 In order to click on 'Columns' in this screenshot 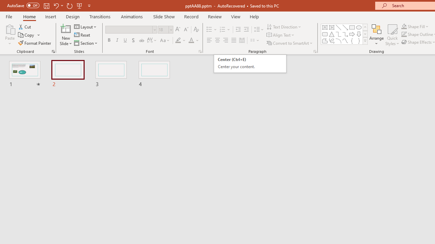, I will do `click(255, 40)`.